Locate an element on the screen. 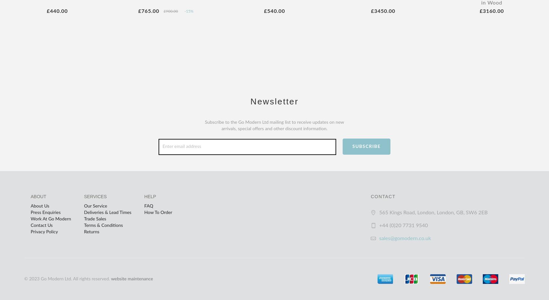 The width and height of the screenshot is (549, 300). 'Subscribe to the Go Modern Ltd mailing list to receive updates on new arrivals, special offers and other discount information.' is located at coordinates (274, 125).